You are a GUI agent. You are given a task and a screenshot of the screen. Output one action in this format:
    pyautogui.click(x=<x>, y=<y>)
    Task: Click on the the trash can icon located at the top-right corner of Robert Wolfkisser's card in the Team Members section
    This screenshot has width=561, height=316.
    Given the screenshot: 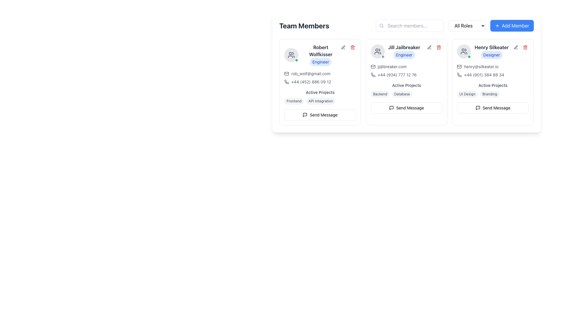 What is the action you would take?
    pyautogui.click(x=352, y=47)
    